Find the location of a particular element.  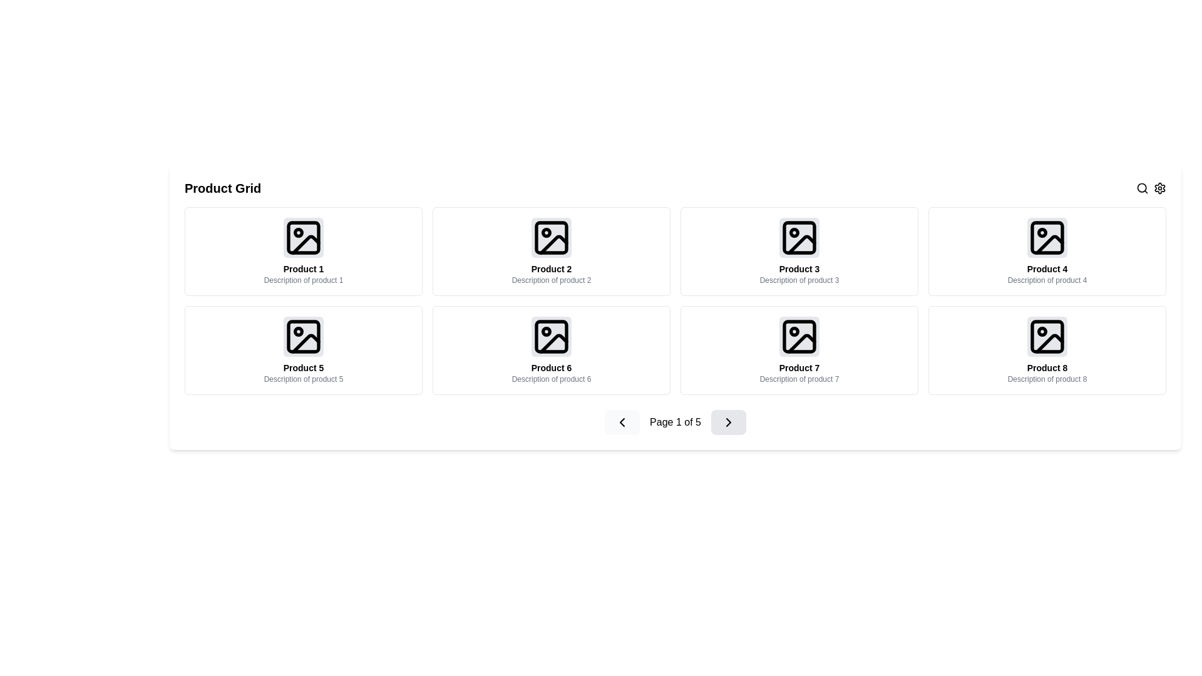

the text label displaying 'Product 6' which is located at the bottom of the sixth product card in a grid layout is located at coordinates (551, 367).